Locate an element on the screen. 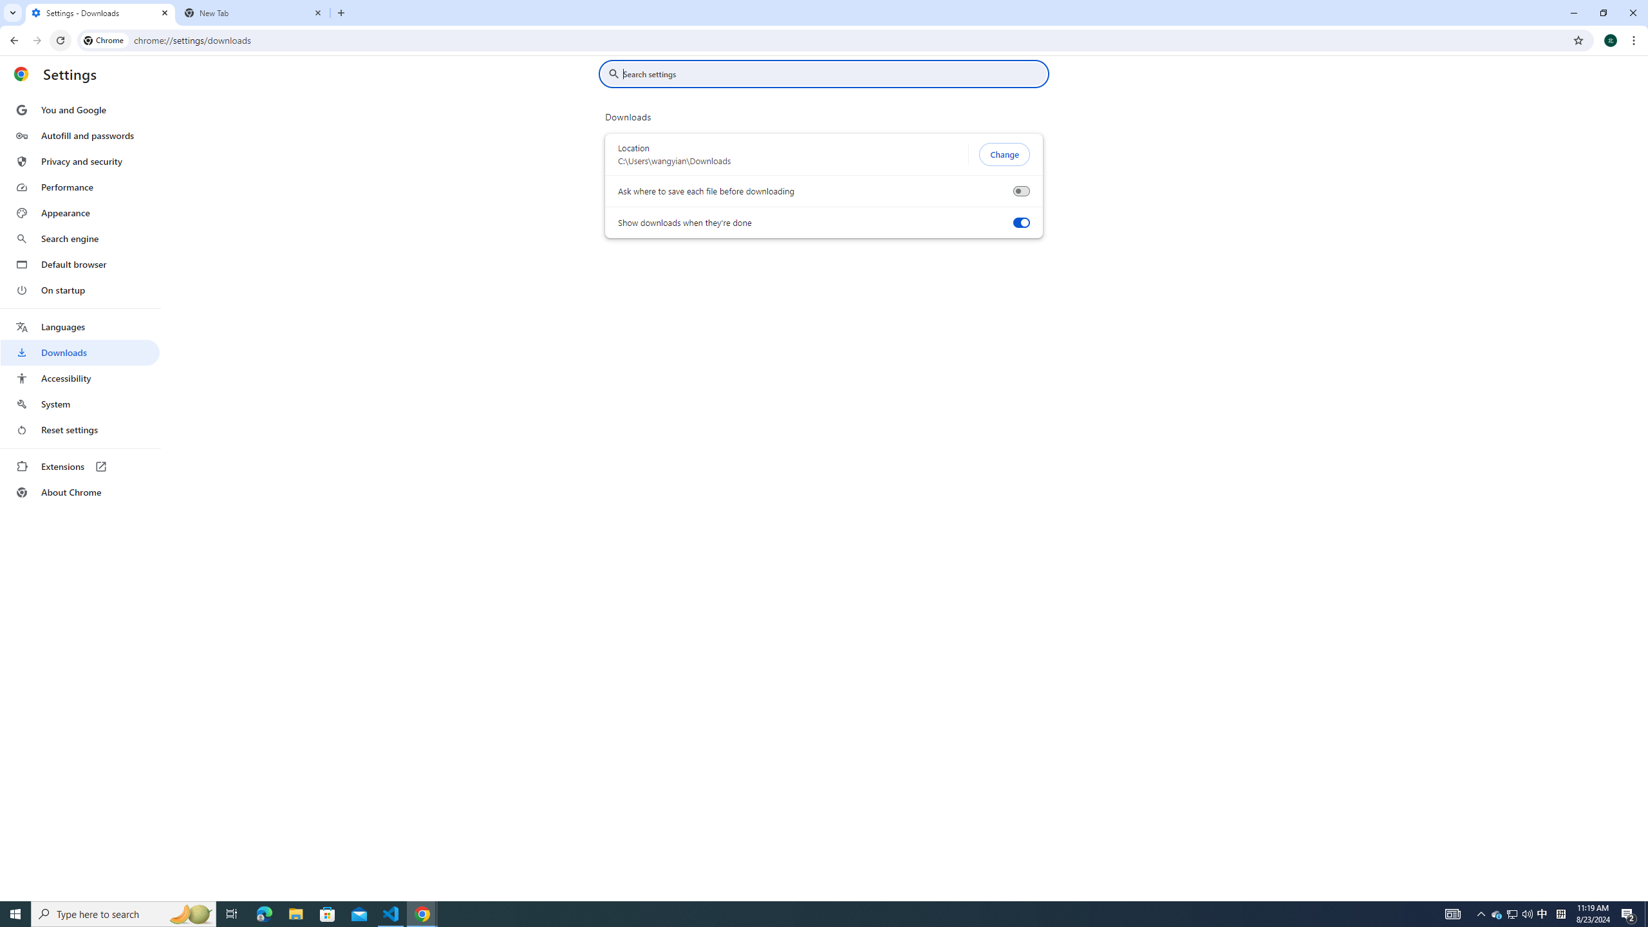 This screenshot has height=927, width=1648. 'Reset settings' is located at coordinates (79, 429).